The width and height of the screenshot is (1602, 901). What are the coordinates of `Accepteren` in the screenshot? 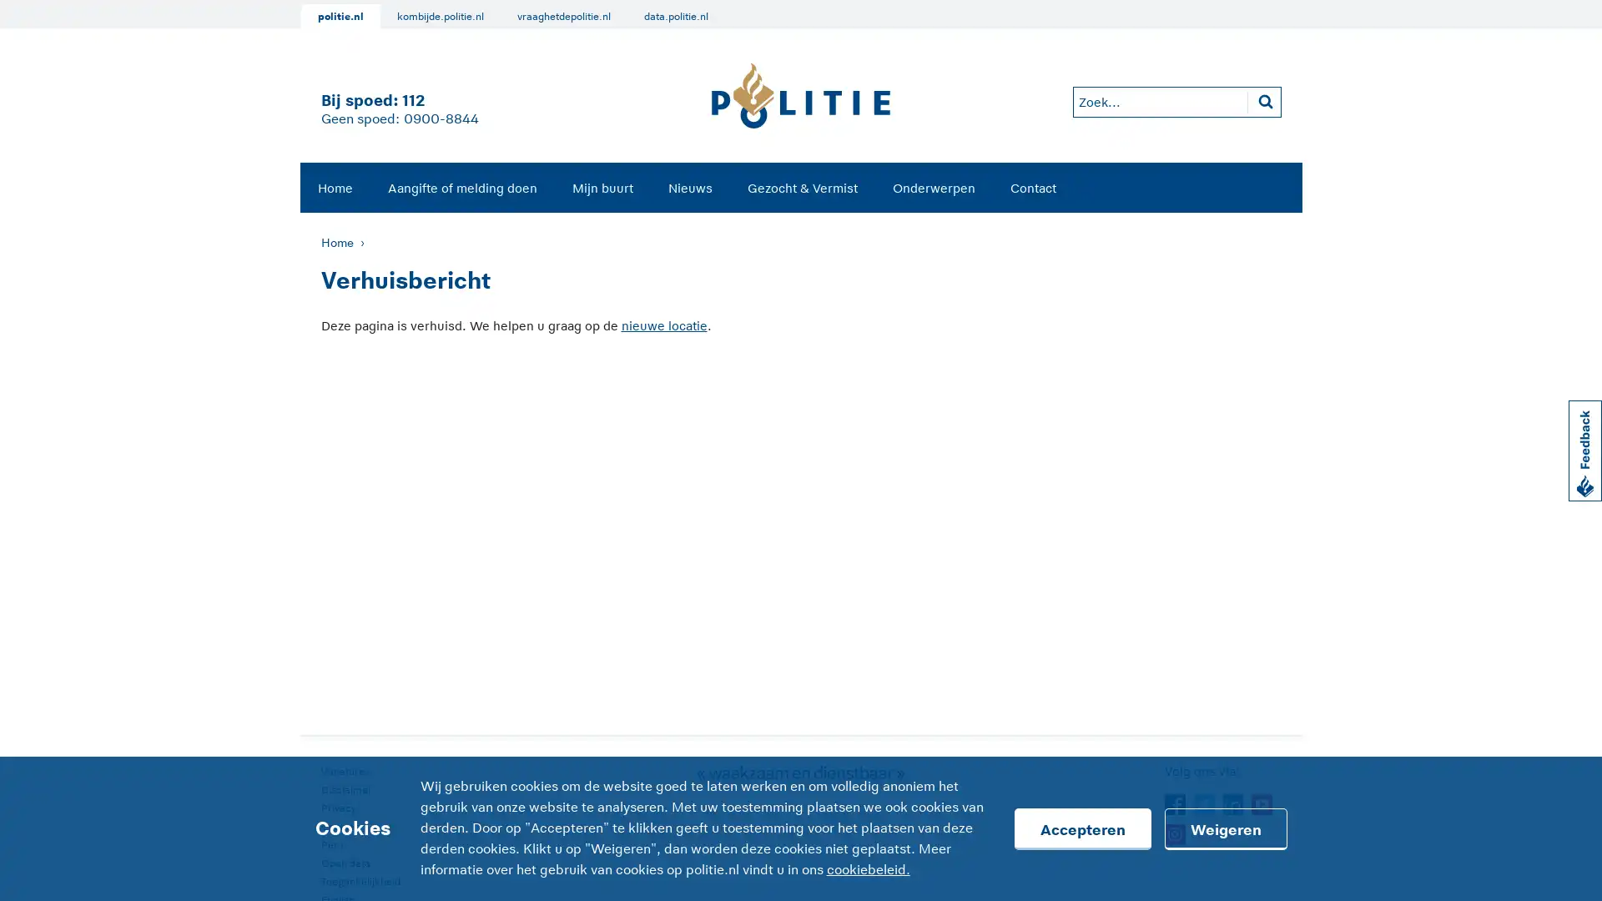 It's located at (1081, 828).